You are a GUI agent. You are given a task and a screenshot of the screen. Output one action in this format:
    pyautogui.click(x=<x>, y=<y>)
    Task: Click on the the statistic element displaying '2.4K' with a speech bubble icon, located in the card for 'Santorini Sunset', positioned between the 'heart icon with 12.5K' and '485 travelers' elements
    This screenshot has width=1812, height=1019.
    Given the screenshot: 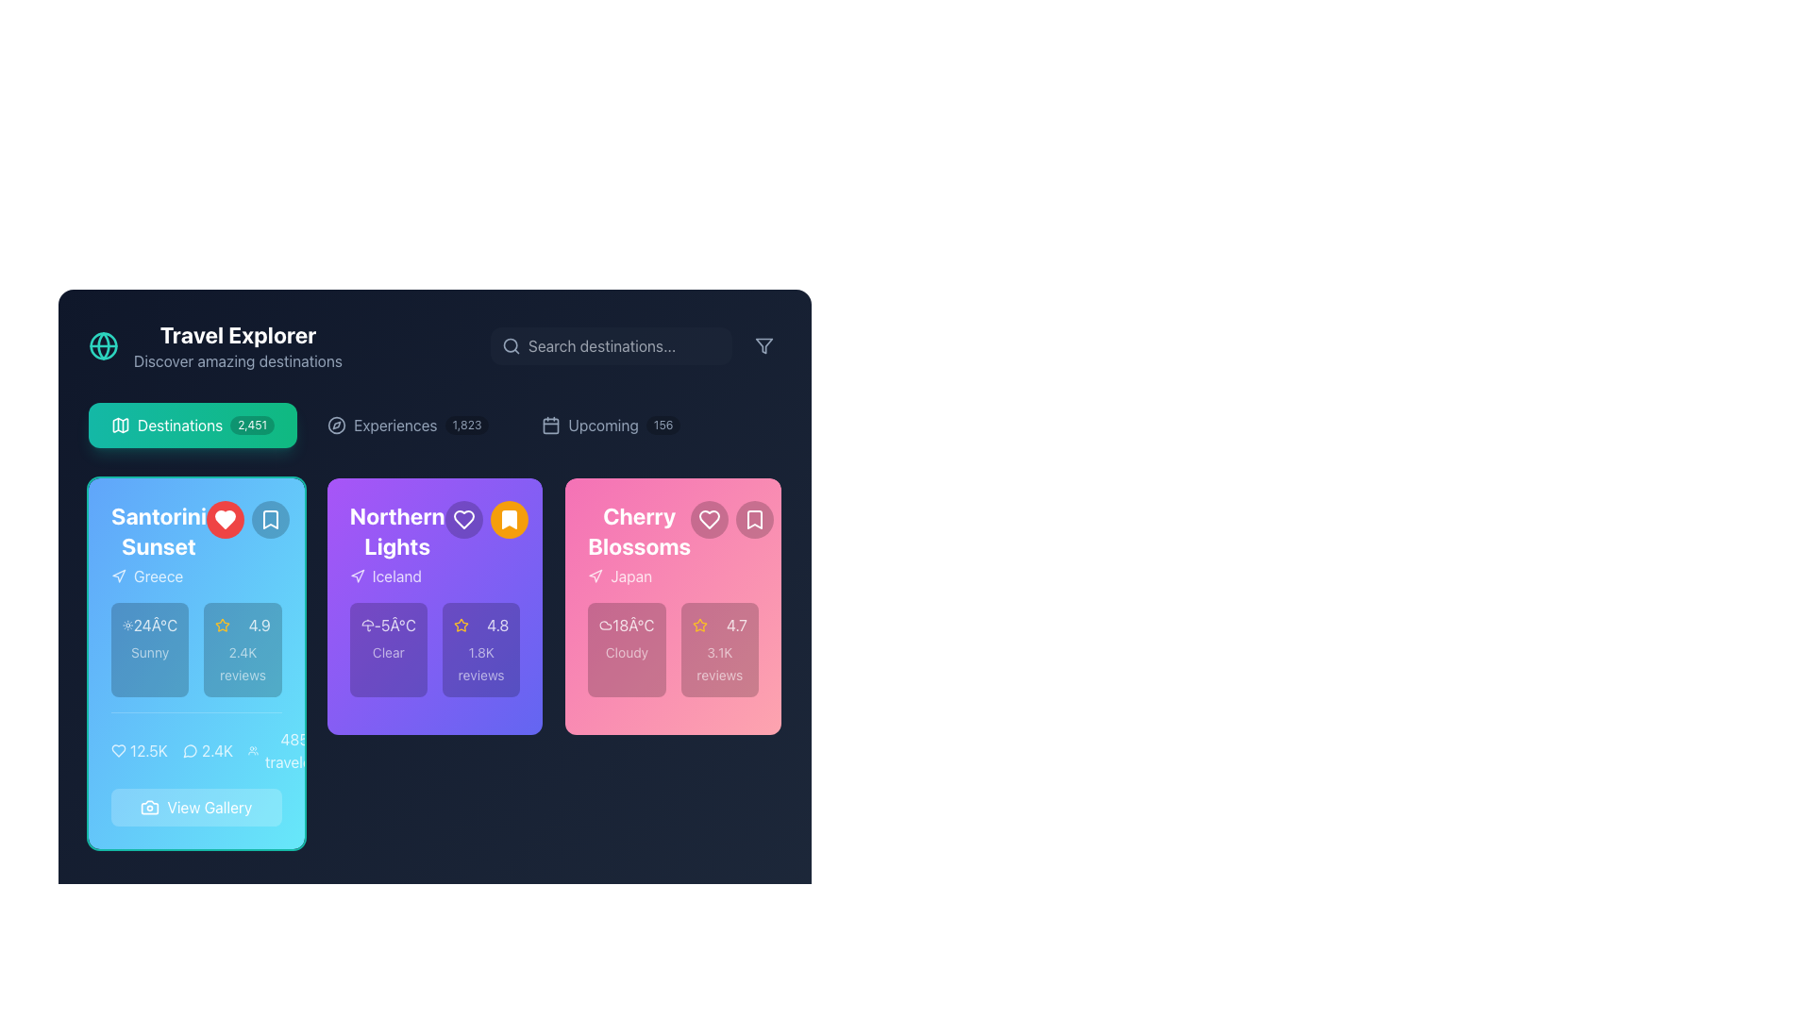 What is the action you would take?
    pyautogui.click(x=208, y=749)
    